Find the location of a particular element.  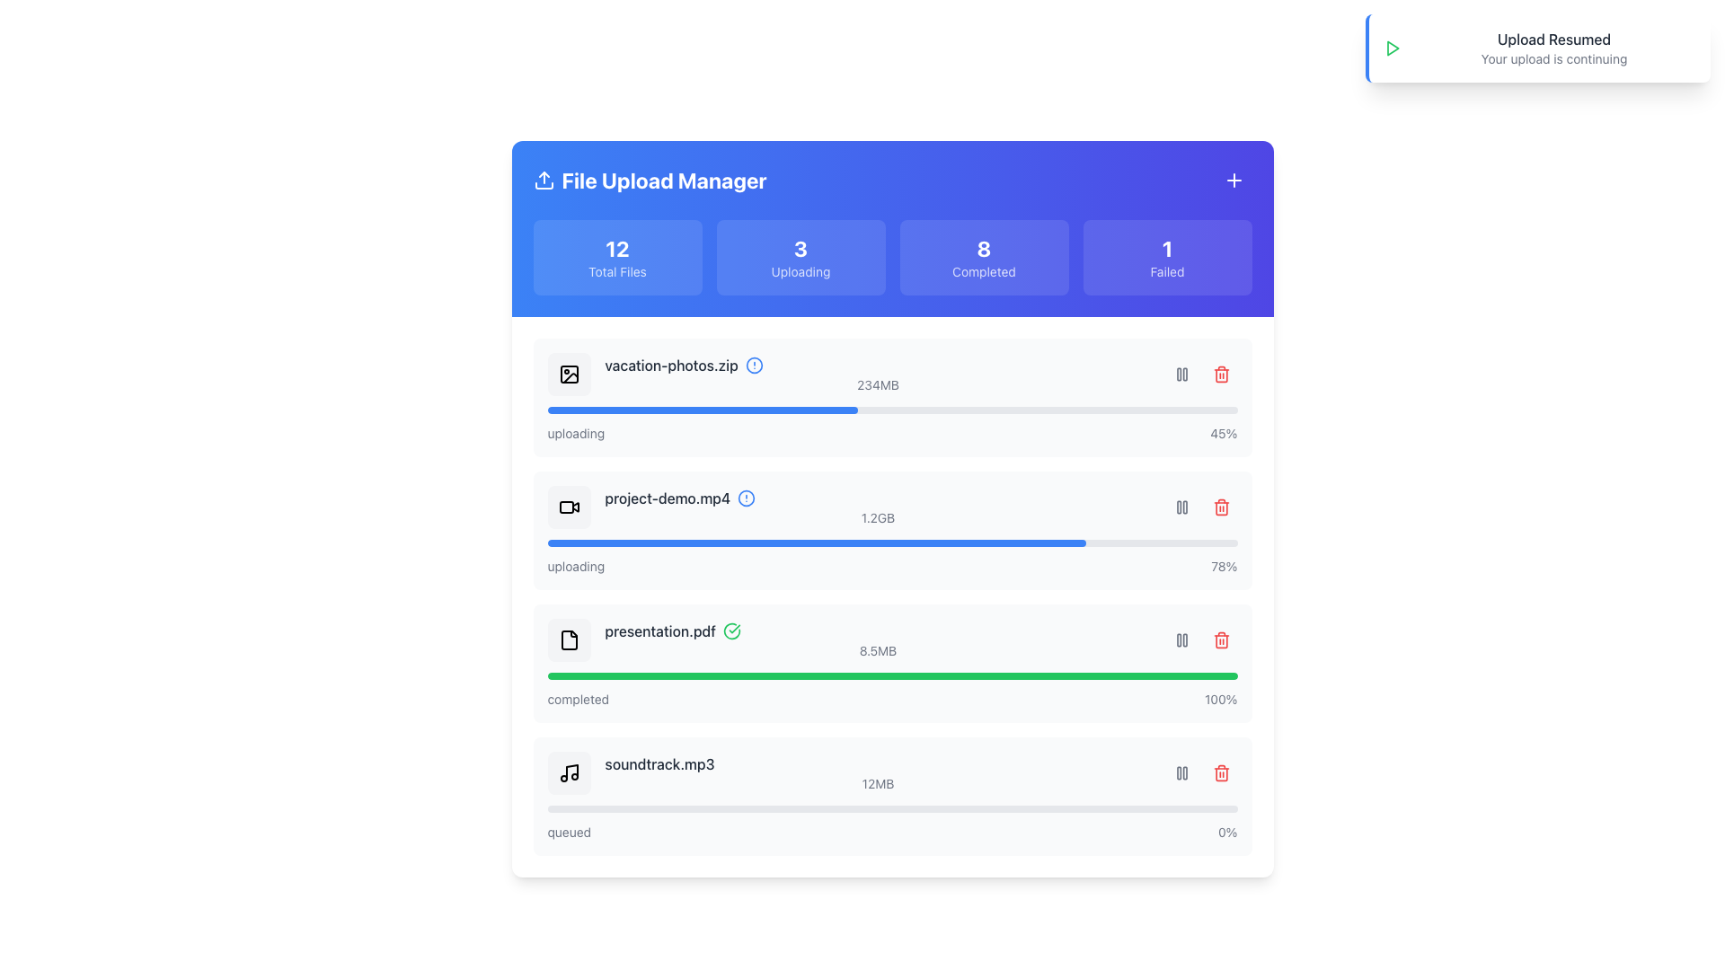

the Progress bar fill indicator, which is a blue horizontal strip indicating progress within the file upload manager for 'project-demo.mp4' is located at coordinates (815, 542).